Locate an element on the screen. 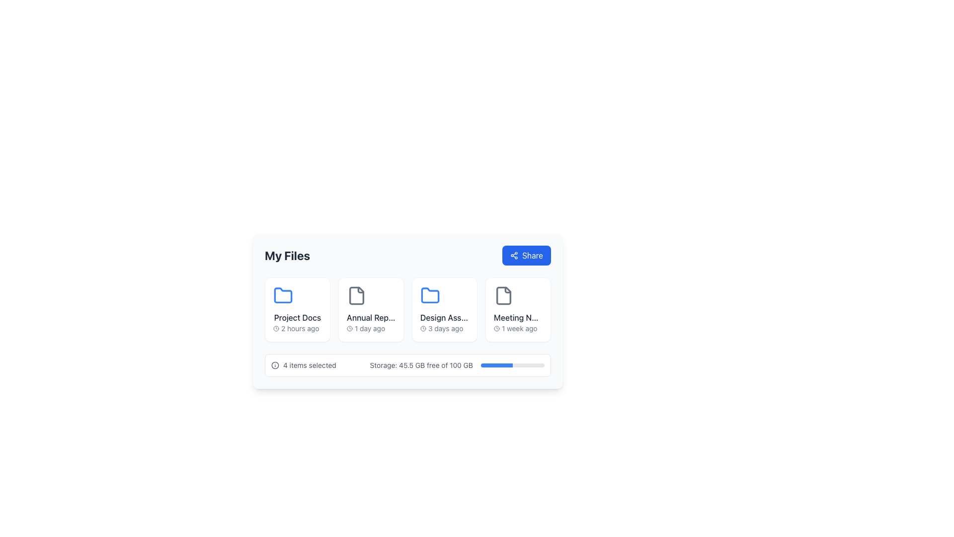  the graphical icon representing the 'Annual Report' file entry located is located at coordinates (357, 295).